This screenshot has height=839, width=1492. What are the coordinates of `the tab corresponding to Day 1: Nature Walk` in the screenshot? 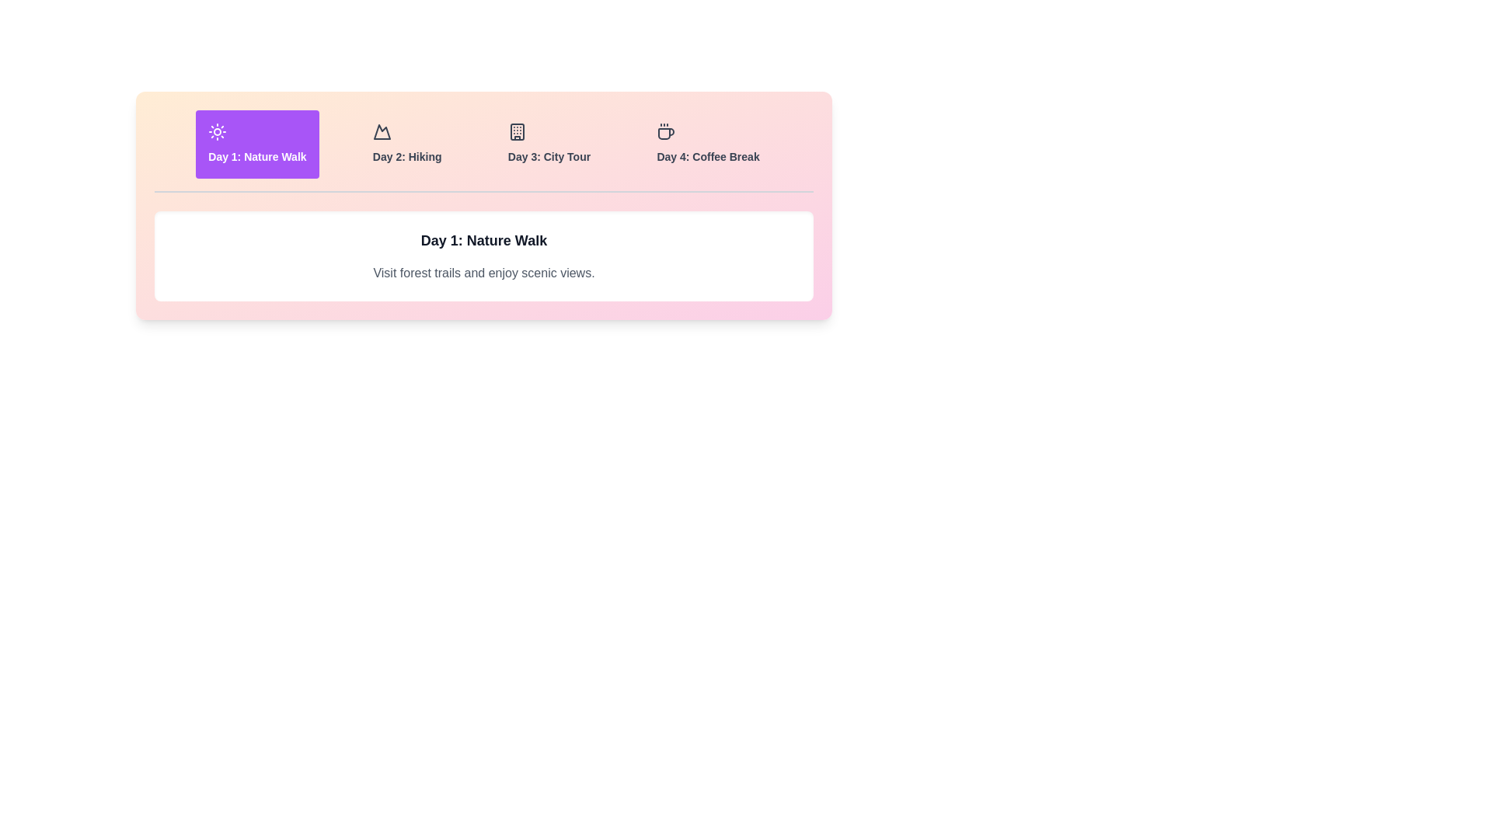 It's located at (257, 144).